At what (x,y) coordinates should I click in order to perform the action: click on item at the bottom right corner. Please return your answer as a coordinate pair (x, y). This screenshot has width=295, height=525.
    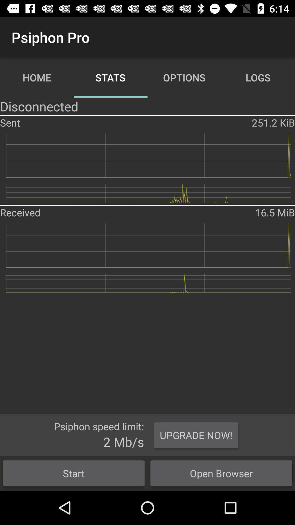
    Looking at the image, I should click on (221, 473).